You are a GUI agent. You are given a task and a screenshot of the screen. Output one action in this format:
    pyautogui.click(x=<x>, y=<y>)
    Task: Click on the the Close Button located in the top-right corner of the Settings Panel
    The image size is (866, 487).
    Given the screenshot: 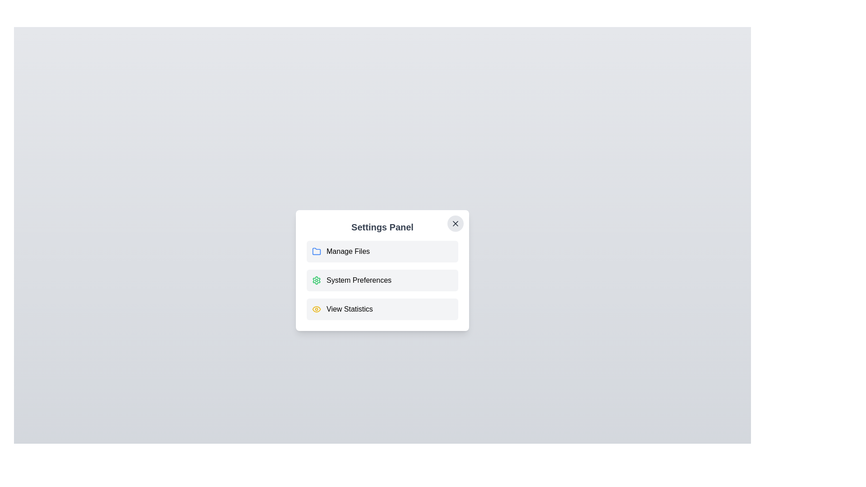 What is the action you would take?
    pyautogui.click(x=455, y=223)
    